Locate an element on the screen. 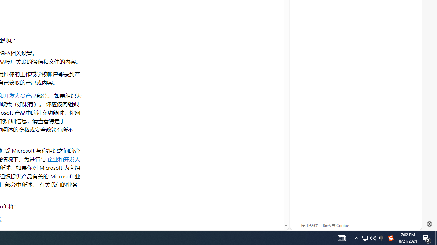  'AutomationID: 4105' is located at coordinates (341, 238).